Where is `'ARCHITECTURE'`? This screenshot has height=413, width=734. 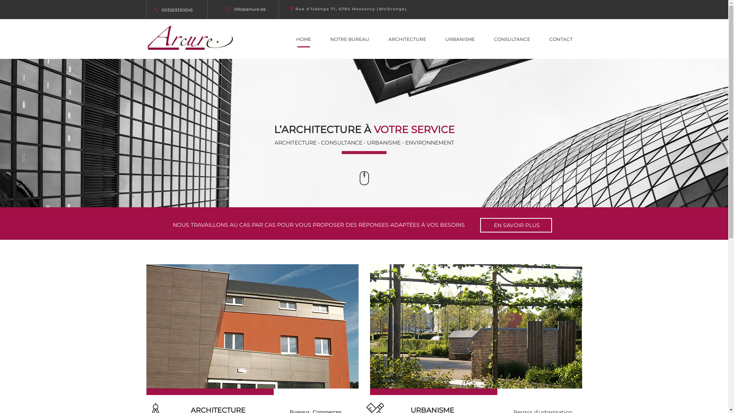
'ARCHITECTURE' is located at coordinates (406, 39).